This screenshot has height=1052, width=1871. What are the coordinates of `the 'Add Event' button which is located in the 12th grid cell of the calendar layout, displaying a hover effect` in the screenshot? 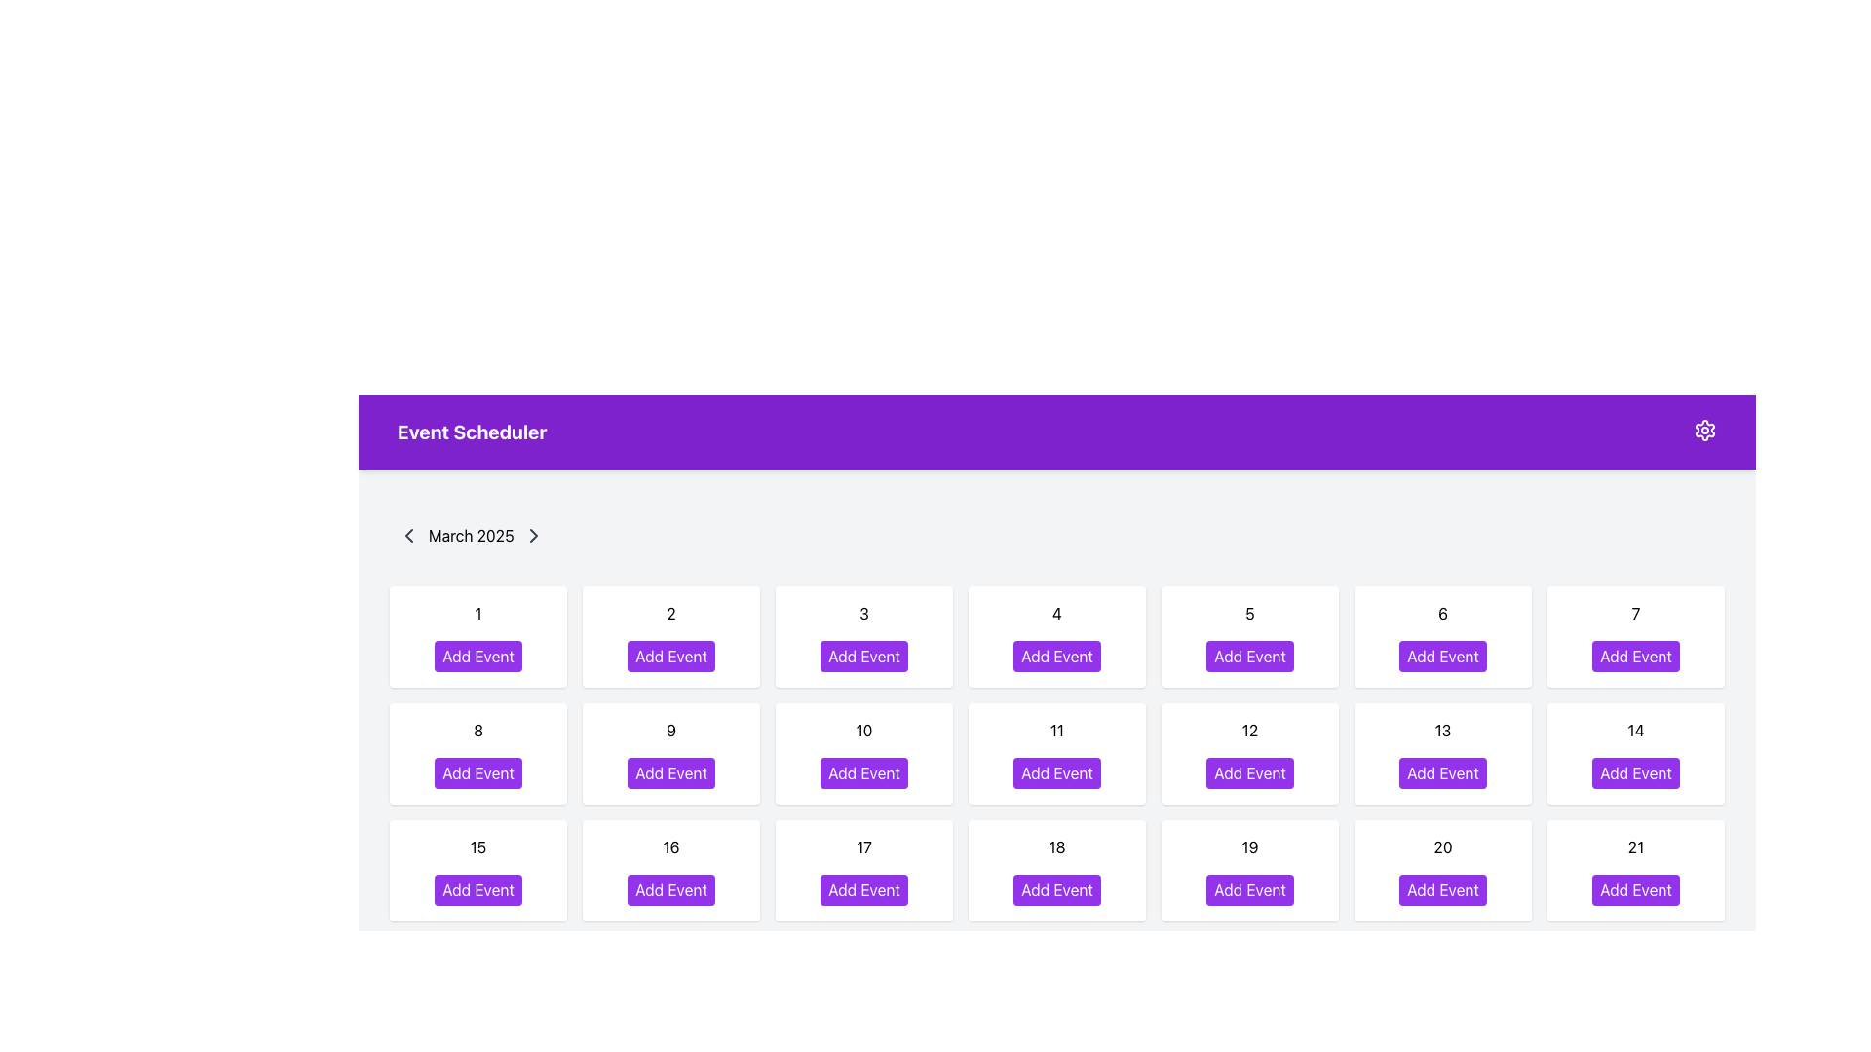 It's located at (1249, 772).